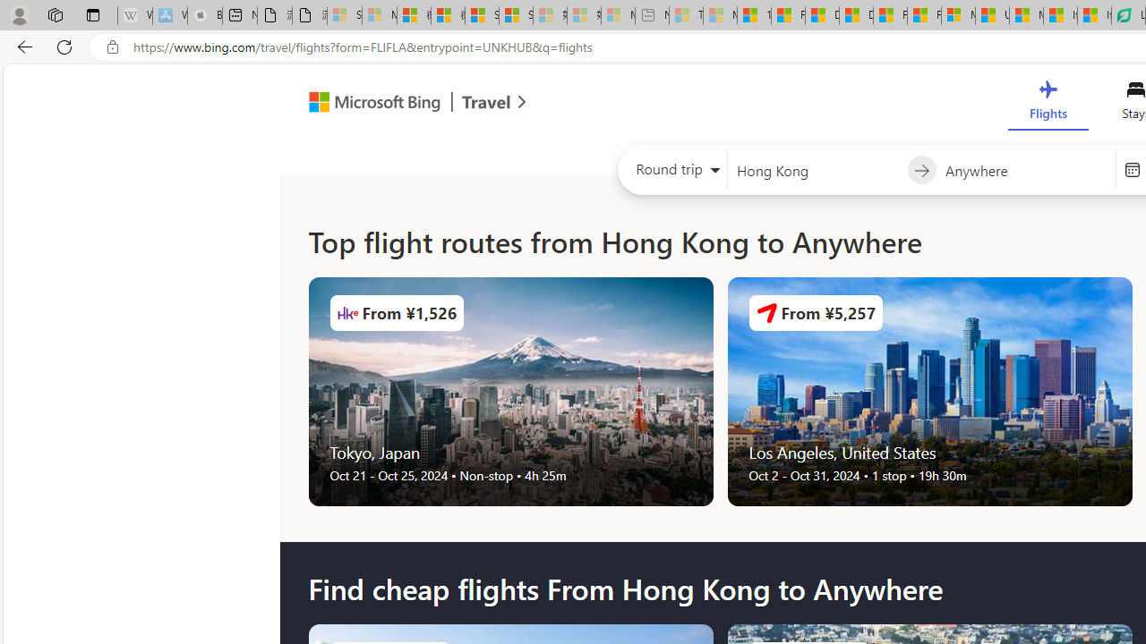  What do you see at coordinates (205, 15) in the screenshot?
I see `'Buy iPad - Apple - Sleeping'` at bounding box center [205, 15].